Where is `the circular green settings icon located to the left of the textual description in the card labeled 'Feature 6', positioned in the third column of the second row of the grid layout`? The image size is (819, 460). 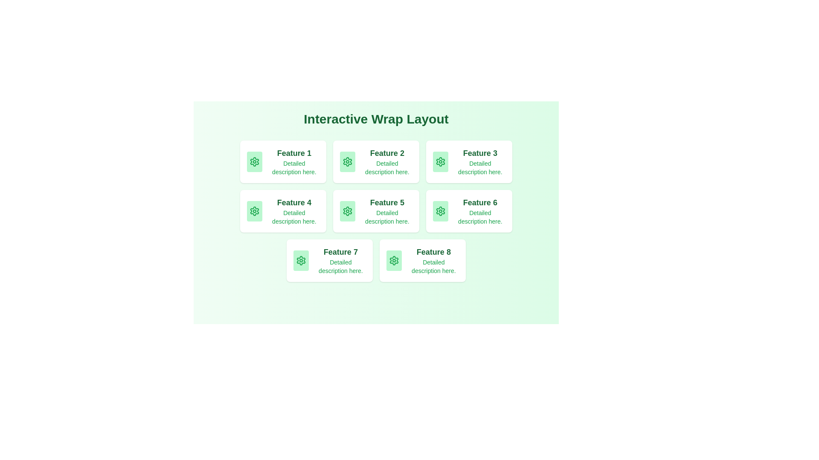
the circular green settings icon located to the left of the textual description in the card labeled 'Feature 6', positioned in the third column of the second row of the grid layout is located at coordinates (440, 211).